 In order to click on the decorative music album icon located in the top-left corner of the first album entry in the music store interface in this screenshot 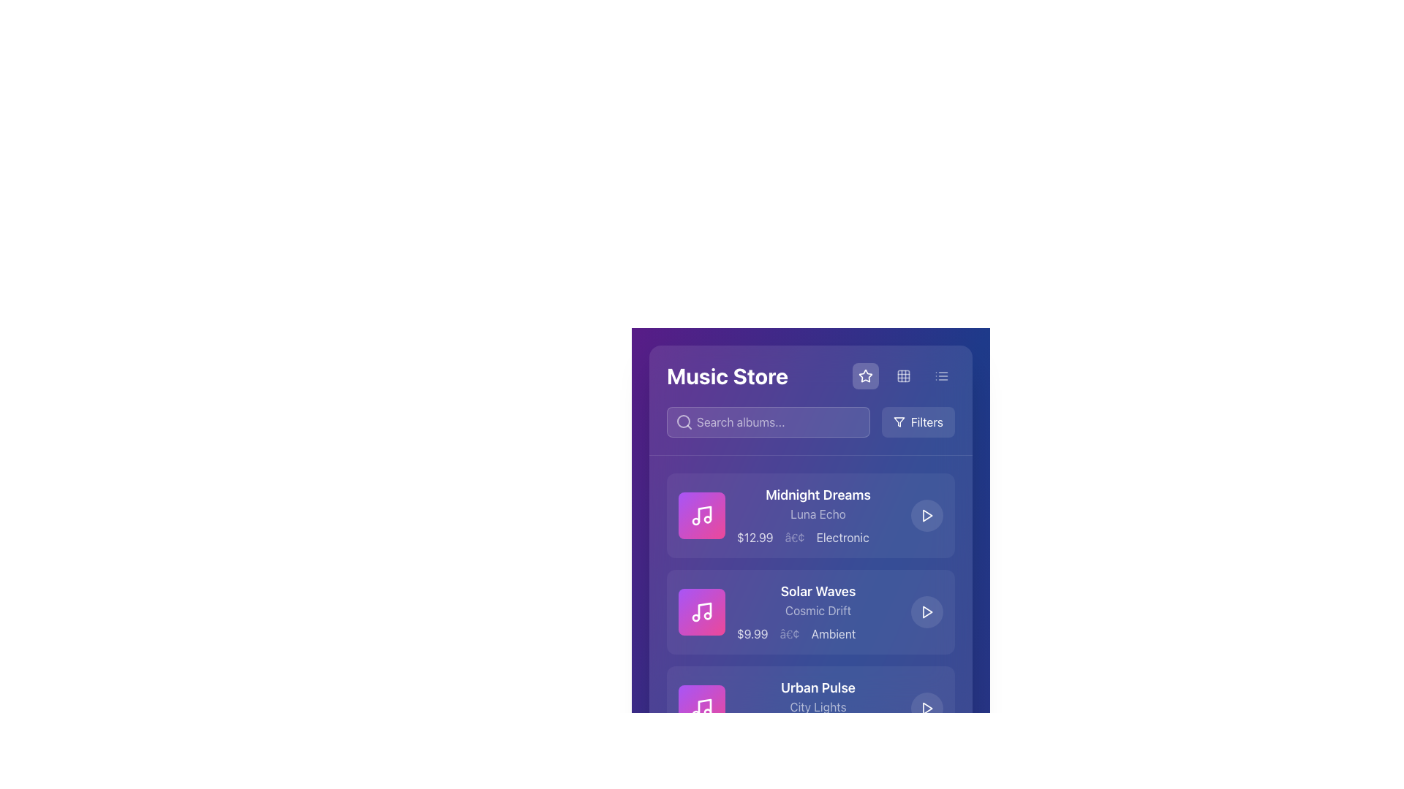, I will do `click(702, 514)`.